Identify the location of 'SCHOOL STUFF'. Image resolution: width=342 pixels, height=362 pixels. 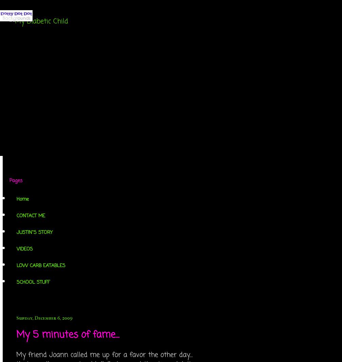
(33, 282).